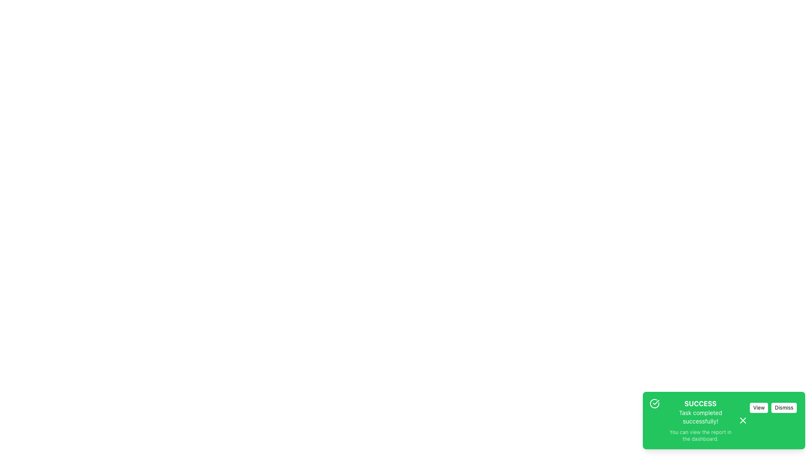  What do you see at coordinates (700, 416) in the screenshot?
I see `the static text element that displays 'Task completed successfully!' within the green notification panel located beneath the bolded text 'SUCCESS'` at bounding box center [700, 416].